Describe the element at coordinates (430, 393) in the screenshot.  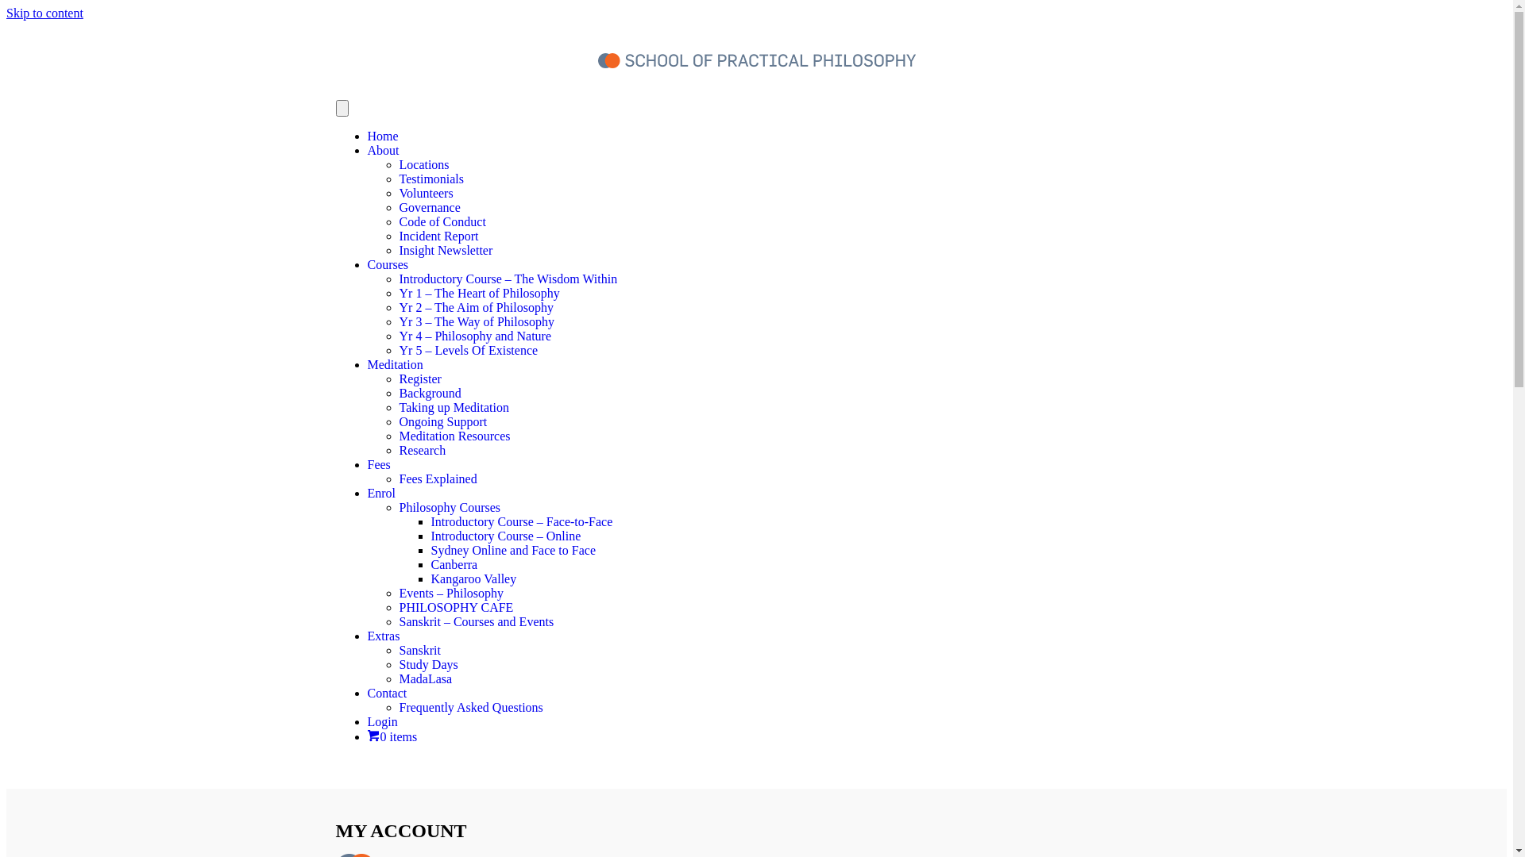
I see `'Background'` at that location.